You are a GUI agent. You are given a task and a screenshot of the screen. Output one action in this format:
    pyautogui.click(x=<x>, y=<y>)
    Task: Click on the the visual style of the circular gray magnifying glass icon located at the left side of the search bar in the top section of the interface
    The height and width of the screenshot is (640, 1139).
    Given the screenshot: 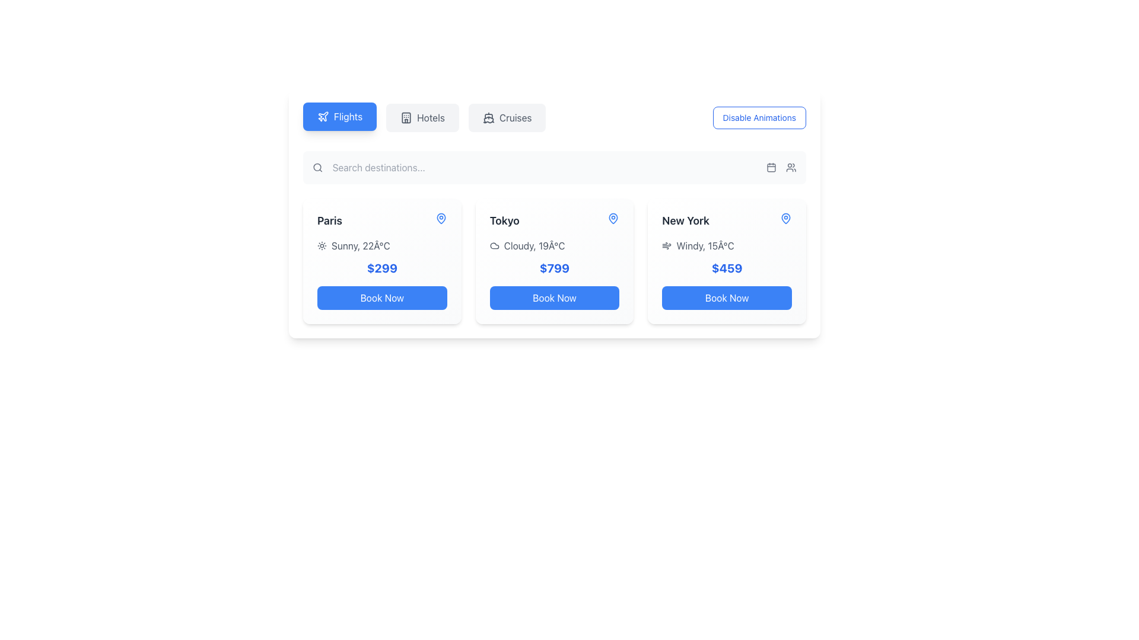 What is the action you would take?
    pyautogui.click(x=317, y=167)
    